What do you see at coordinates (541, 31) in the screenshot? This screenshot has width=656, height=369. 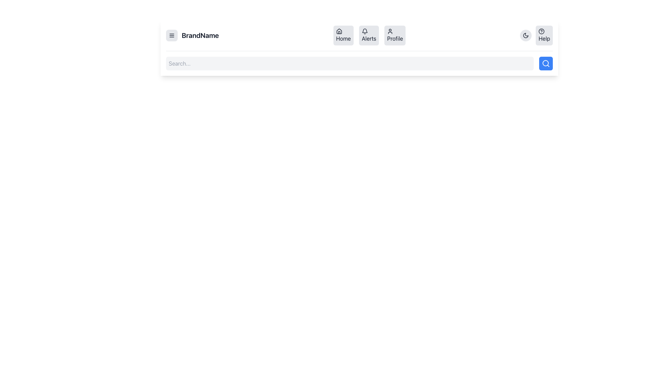 I see `the 'Help' icon located in the top-right corner of the interface, which is a circular icon to the left of the 'Help' label` at bounding box center [541, 31].